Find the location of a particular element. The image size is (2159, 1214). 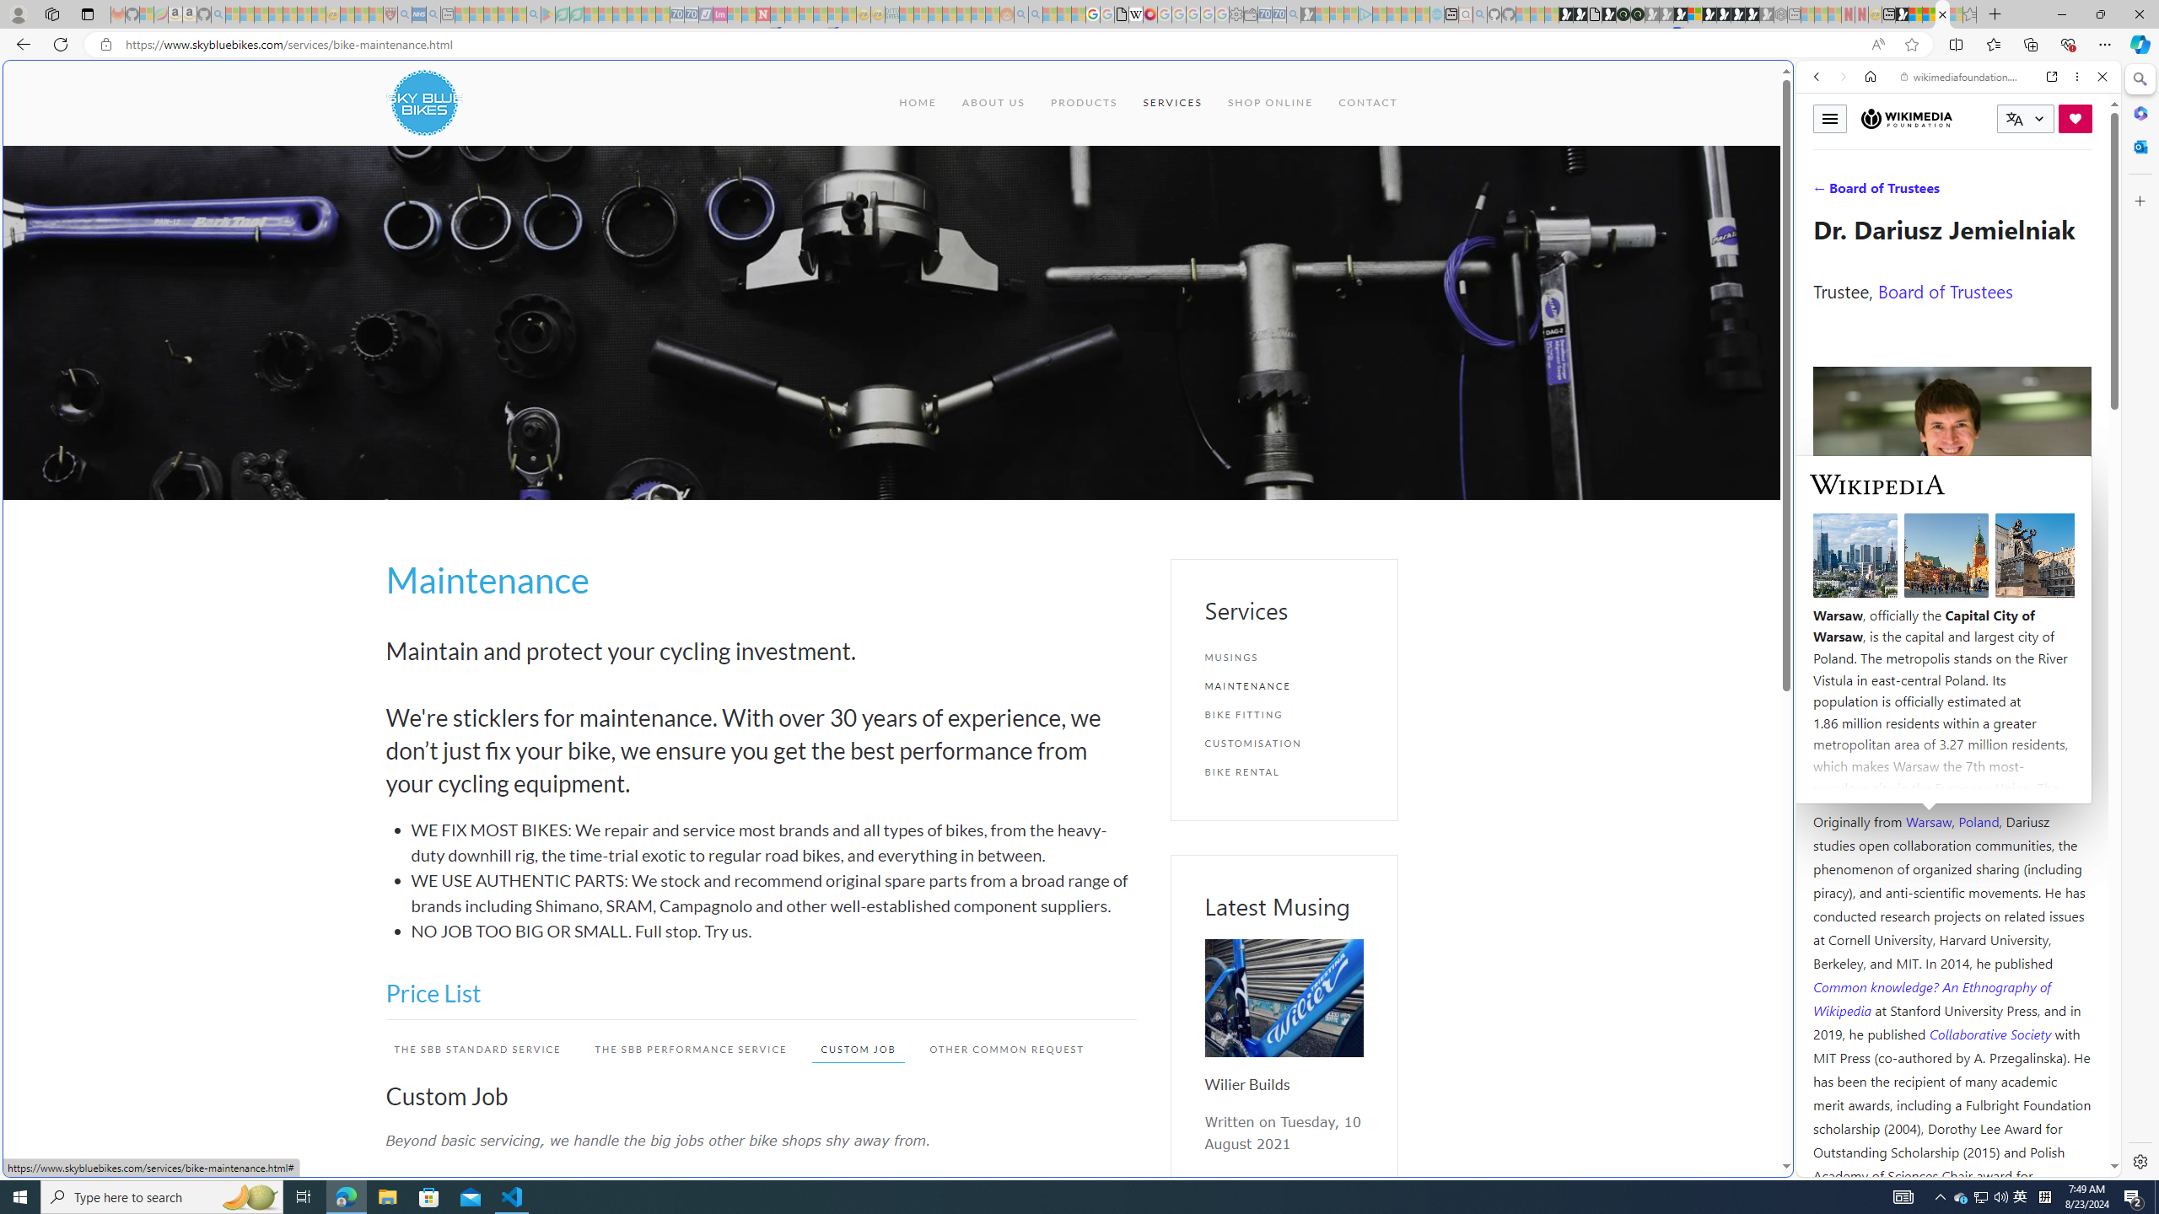

'Play Cave FRVR in your browser | Games from Microsoft Start' is located at coordinates (1368, 358).